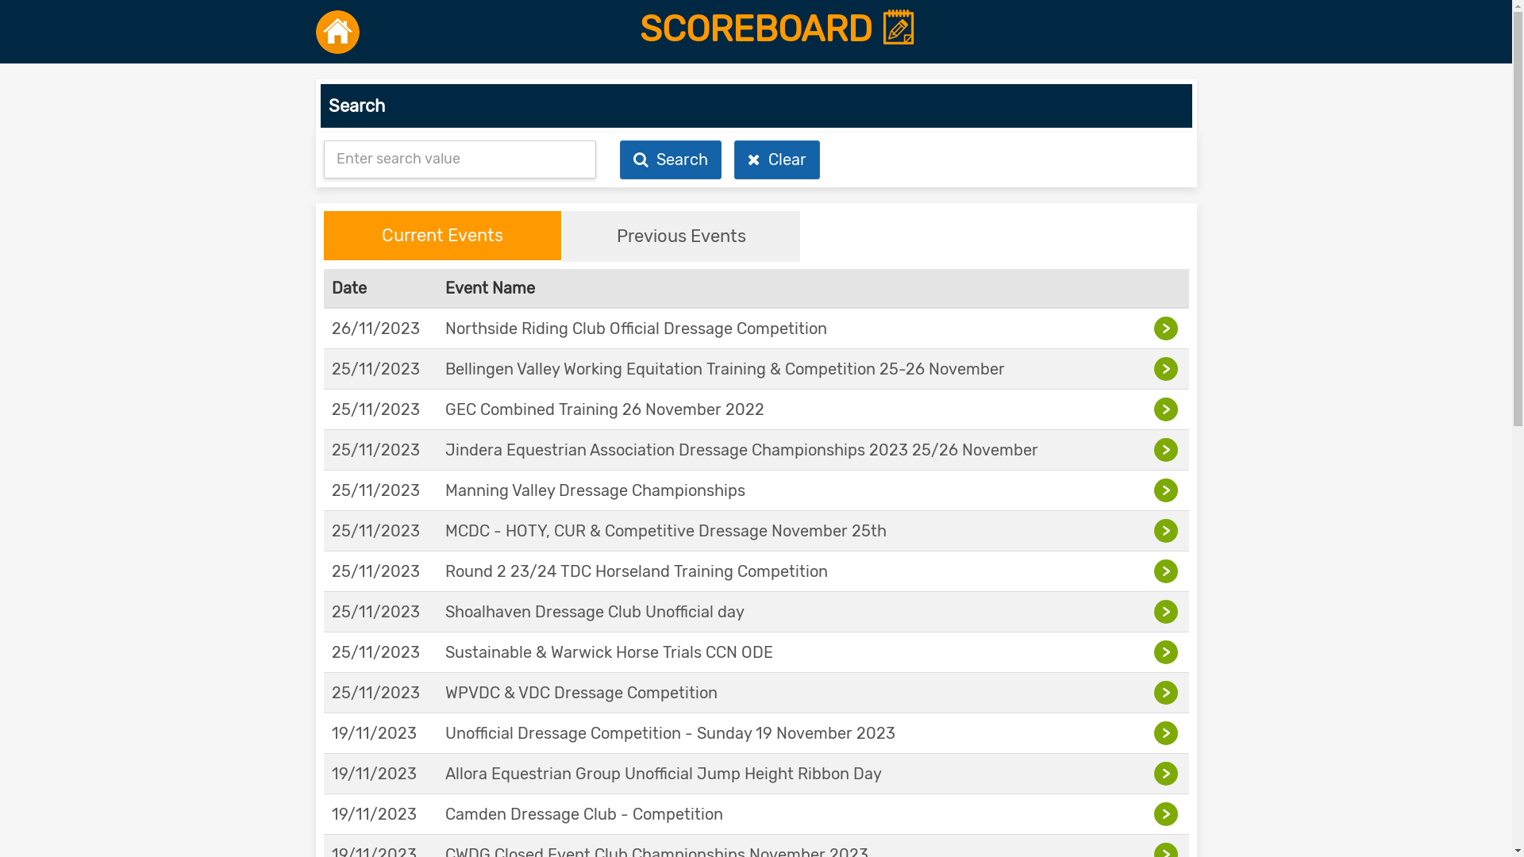  Describe the element at coordinates (1167, 327) in the screenshot. I see `'>'` at that location.